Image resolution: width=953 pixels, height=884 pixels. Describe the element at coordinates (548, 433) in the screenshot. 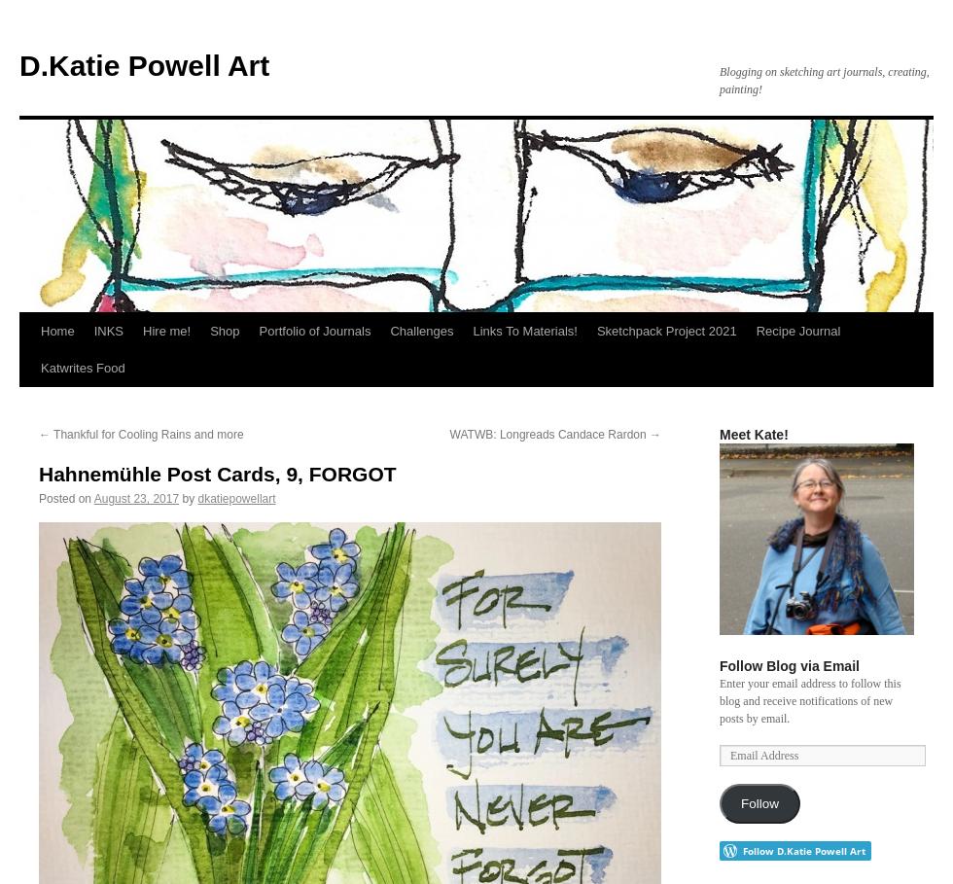

I see `'WATWB: Longreads Candace Rardon'` at that location.